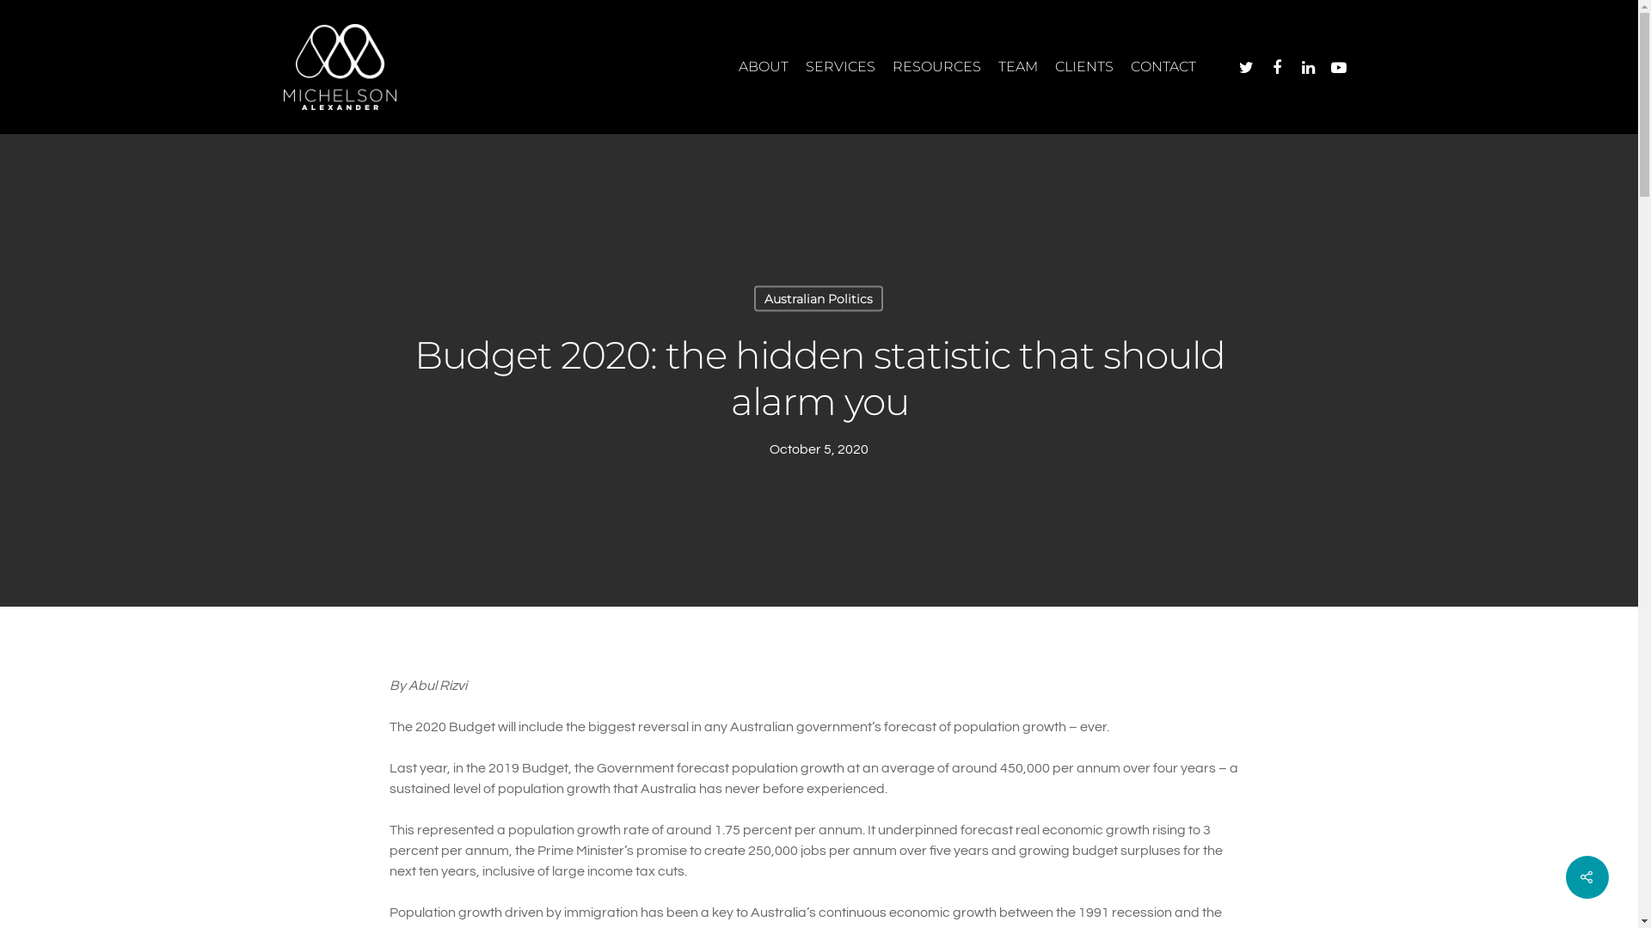 Image resolution: width=1651 pixels, height=928 pixels. I want to click on 'ABOUT', so click(763, 65).